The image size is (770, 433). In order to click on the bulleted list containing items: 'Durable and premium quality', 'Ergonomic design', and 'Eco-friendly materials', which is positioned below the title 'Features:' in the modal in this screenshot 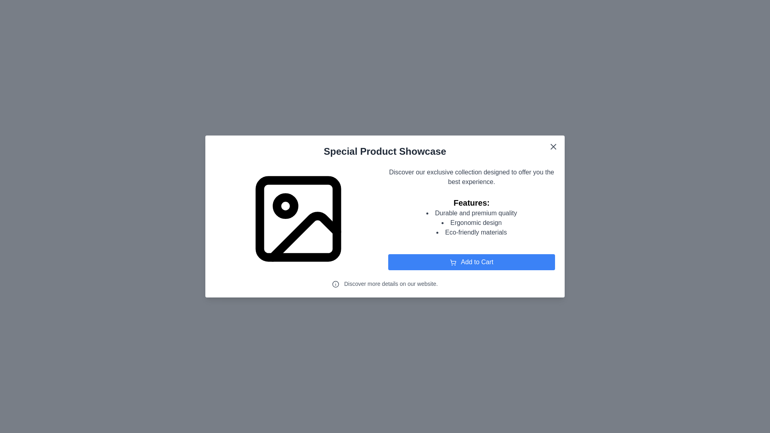, I will do `click(472, 223)`.